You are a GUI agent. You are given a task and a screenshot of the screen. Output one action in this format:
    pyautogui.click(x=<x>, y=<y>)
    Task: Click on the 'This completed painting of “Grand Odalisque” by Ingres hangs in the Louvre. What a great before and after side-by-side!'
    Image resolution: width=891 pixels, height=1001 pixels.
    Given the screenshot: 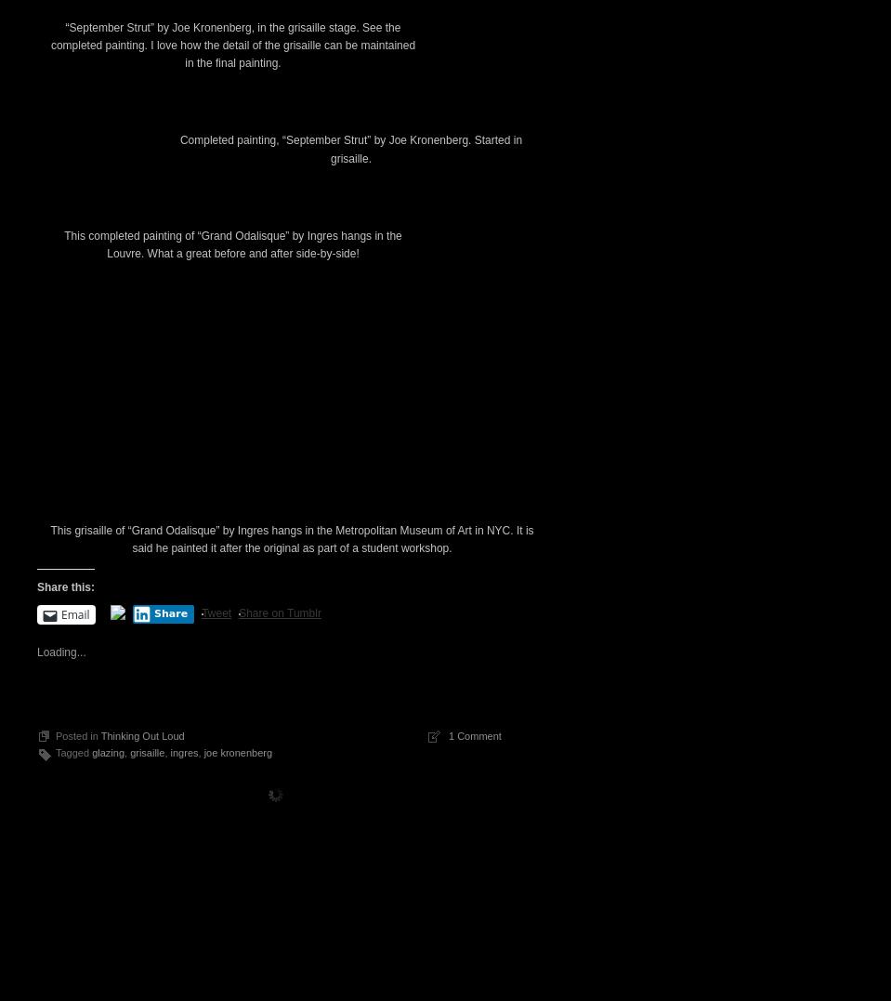 What is the action you would take?
    pyautogui.click(x=232, y=561)
    